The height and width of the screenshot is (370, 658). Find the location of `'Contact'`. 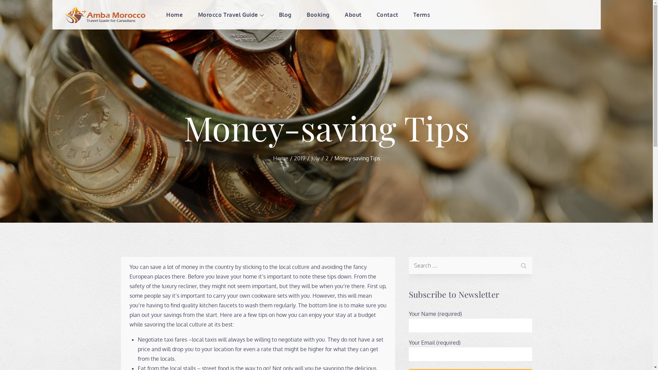

'Contact' is located at coordinates (369, 14).